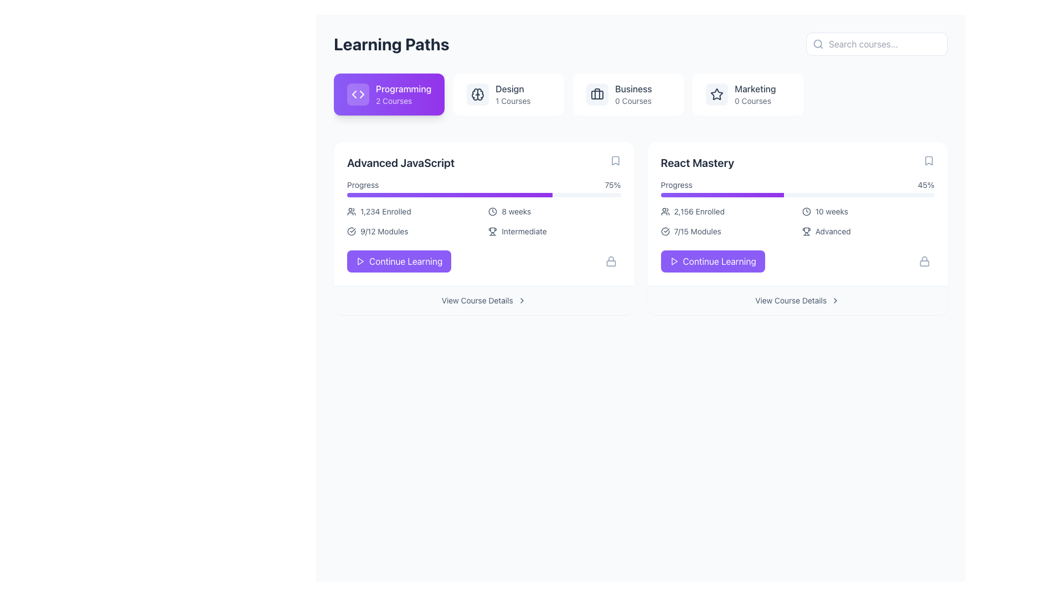  Describe the element at coordinates (674, 261) in the screenshot. I see `the icon within the 'Continue Learning' purple button in the 'React Mastery' section` at that location.